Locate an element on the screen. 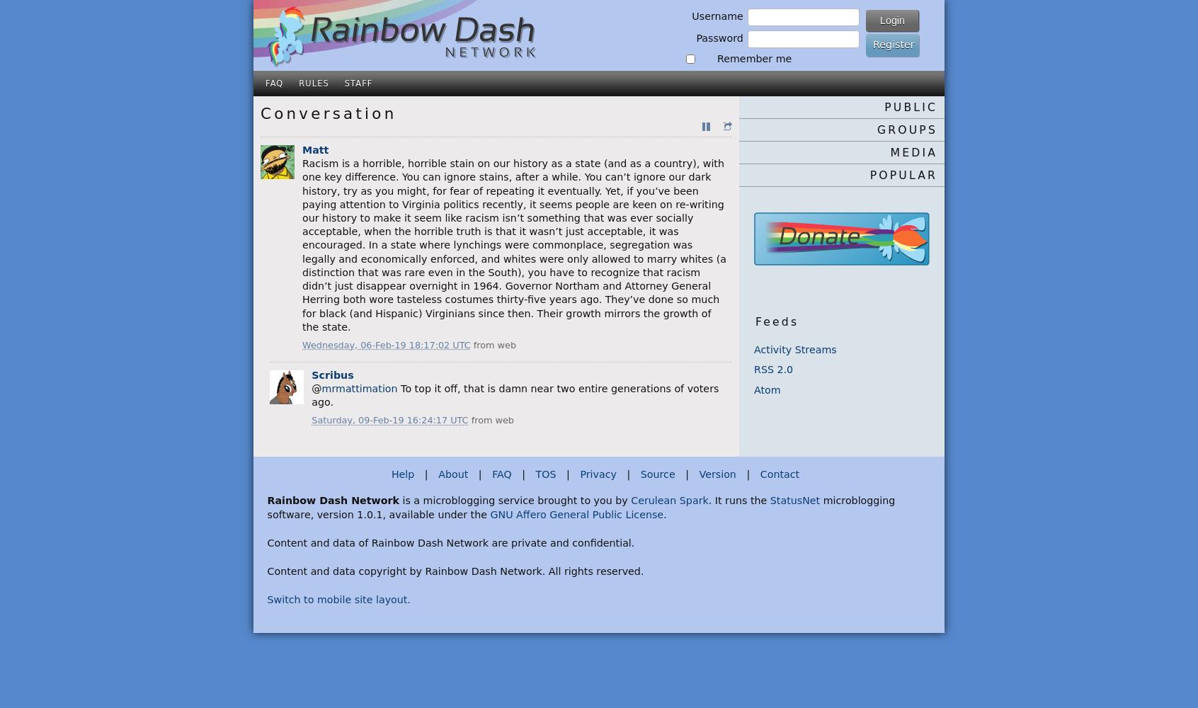 The height and width of the screenshot is (708, 1198). 'Switch to mobile site layout.' is located at coordinates (337, 598).